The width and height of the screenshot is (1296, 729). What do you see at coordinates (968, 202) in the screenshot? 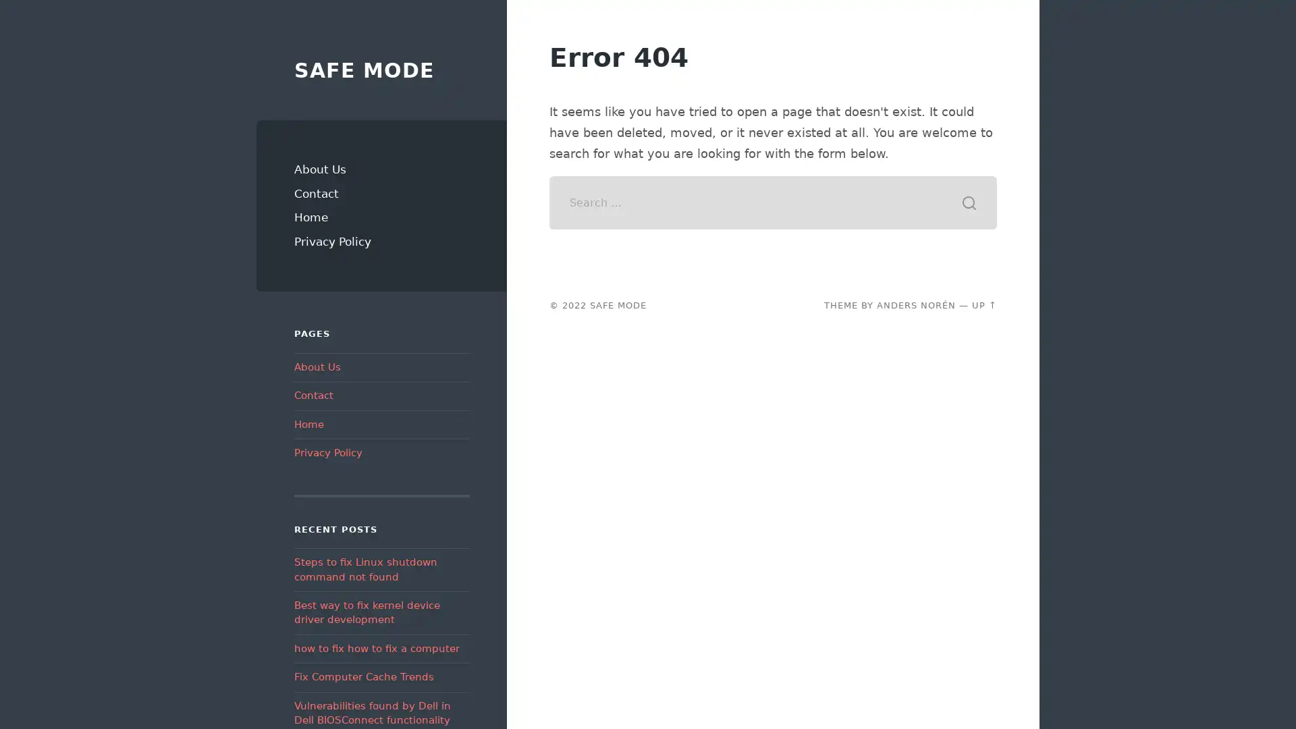
I see `Search` at bounding box center [968, 202].